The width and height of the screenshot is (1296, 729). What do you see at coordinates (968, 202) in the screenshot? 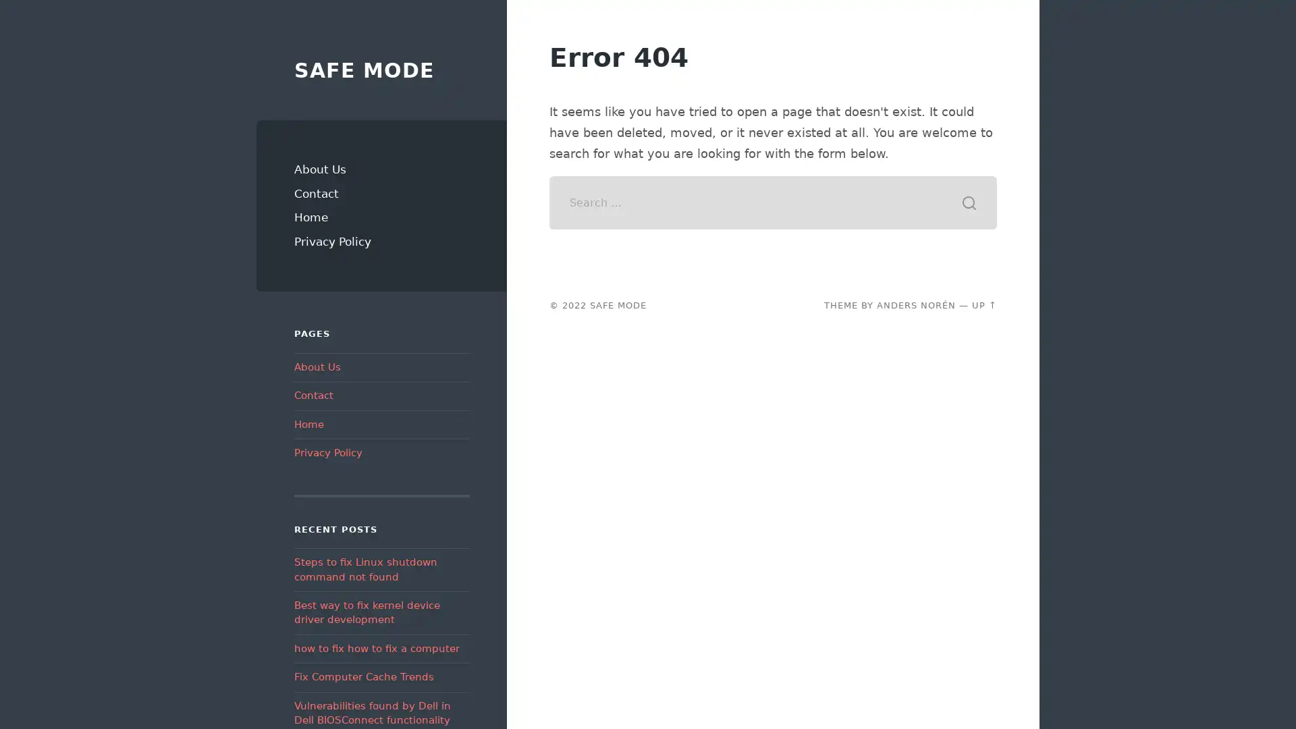
I see `Search` at bounding box center [968, 202].